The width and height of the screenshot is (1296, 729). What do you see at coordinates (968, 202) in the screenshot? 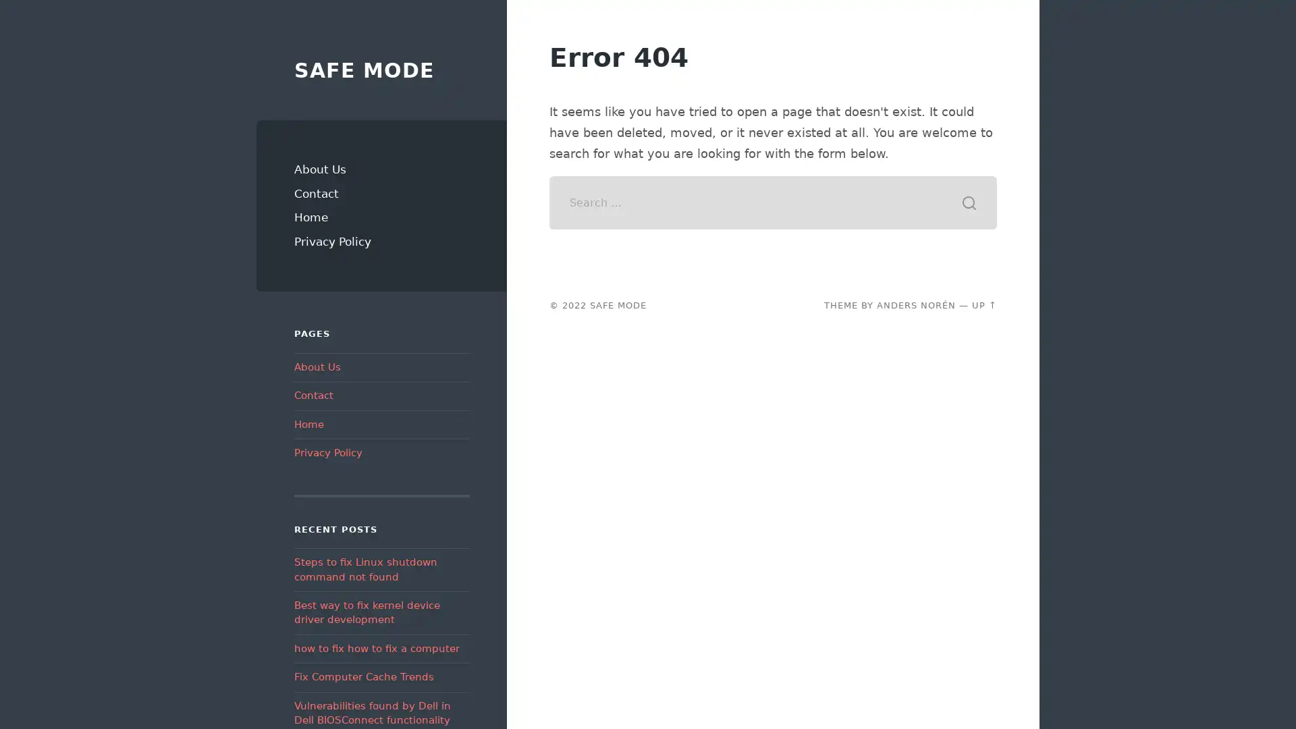
I see `Search` at bounding box center [968, 202].